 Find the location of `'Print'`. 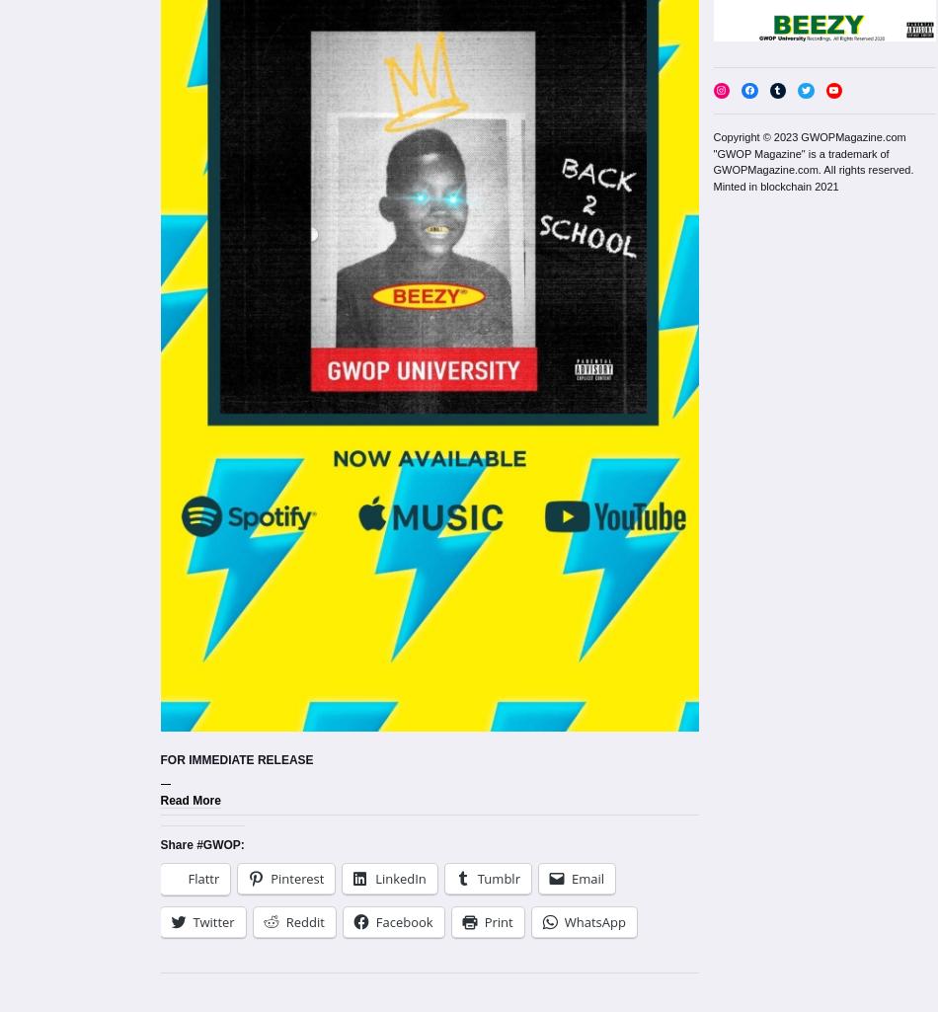

'Print' is located at coordinates (498, 921).